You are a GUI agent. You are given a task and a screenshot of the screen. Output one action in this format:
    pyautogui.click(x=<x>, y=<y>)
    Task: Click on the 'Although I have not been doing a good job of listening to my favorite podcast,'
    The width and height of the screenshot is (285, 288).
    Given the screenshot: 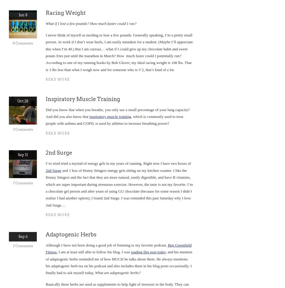 What is the action you would take?
    pyautogui.click(x=107, y=244)
    